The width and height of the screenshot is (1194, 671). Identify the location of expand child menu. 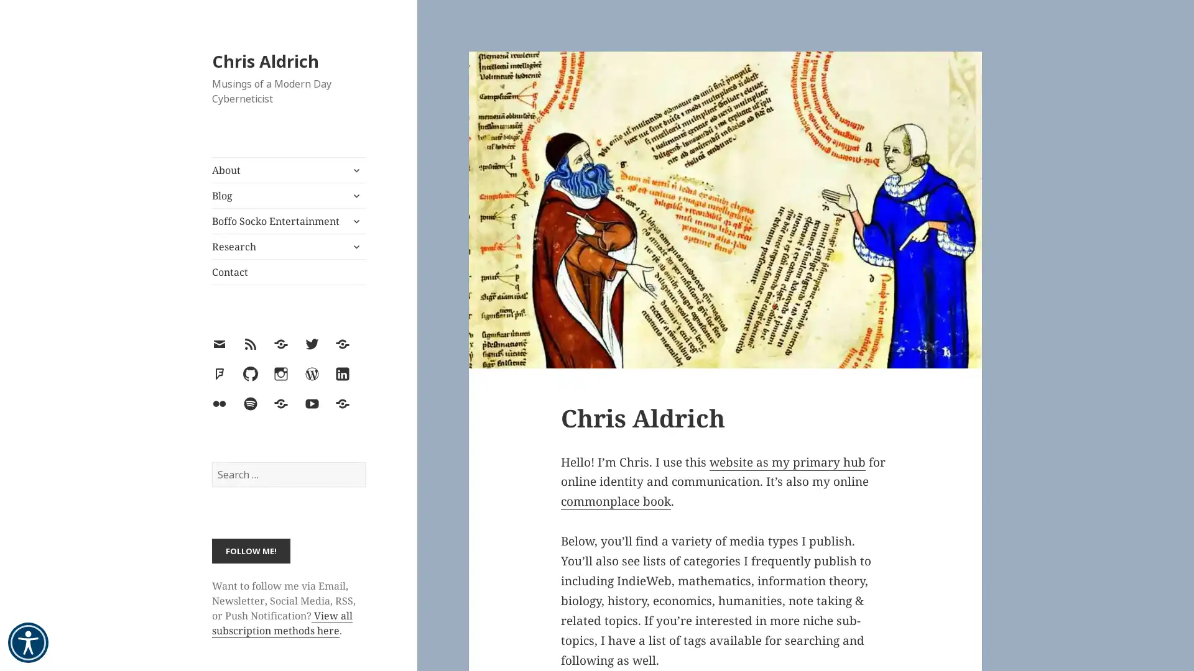
(354, 196).